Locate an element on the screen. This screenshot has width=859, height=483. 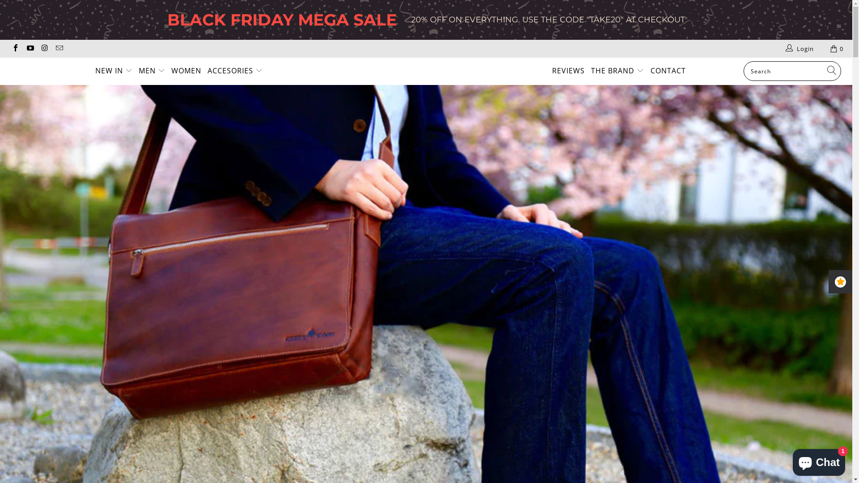
'Greenwood Leather on YouTube' is located at coordinates (30, 48).